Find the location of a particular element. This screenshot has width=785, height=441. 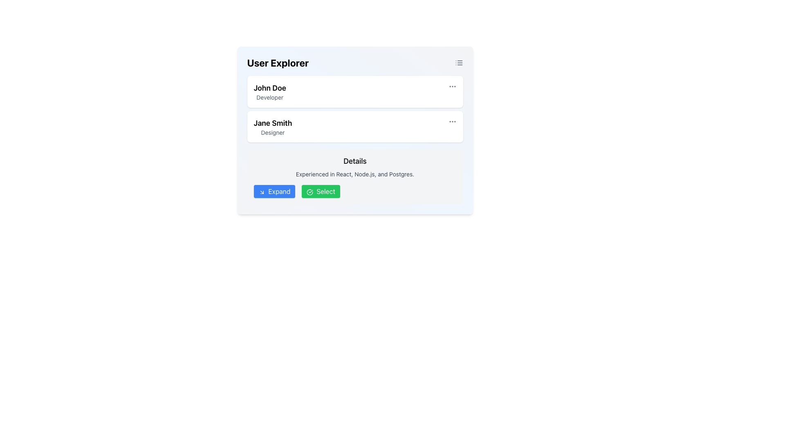

the user information block displaying 'John Doe' is located at coordinates (270, 91).